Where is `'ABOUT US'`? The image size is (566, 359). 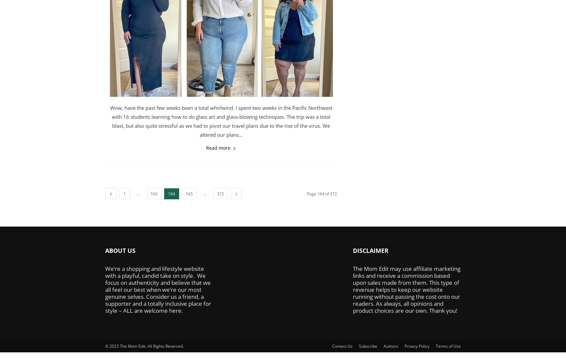 'ABOUT US' is located at coordinates (120, 251).